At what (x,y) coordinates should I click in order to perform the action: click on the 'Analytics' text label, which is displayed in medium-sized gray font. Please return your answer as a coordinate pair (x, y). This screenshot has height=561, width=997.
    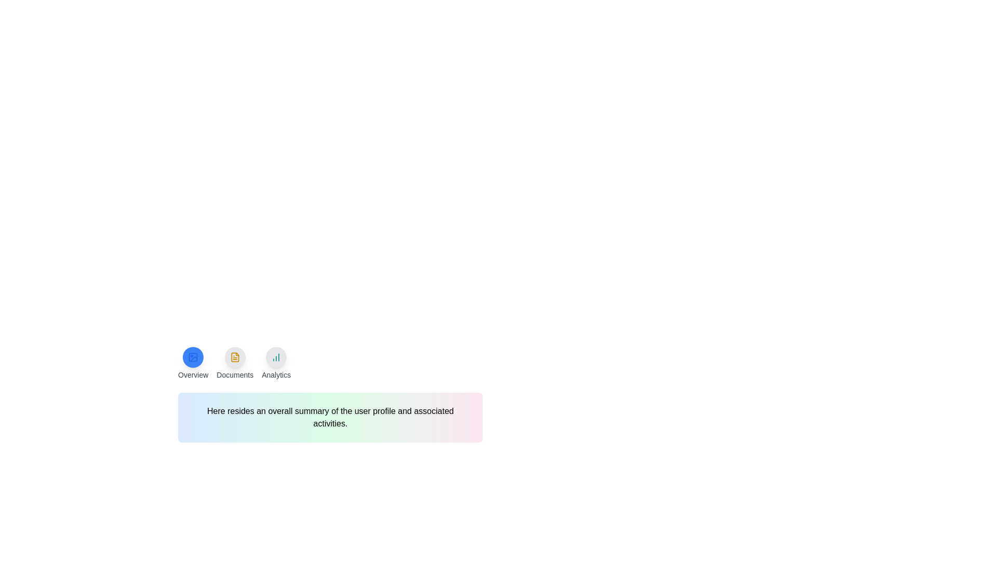
    Looking at the image, I should click on (276, 375).